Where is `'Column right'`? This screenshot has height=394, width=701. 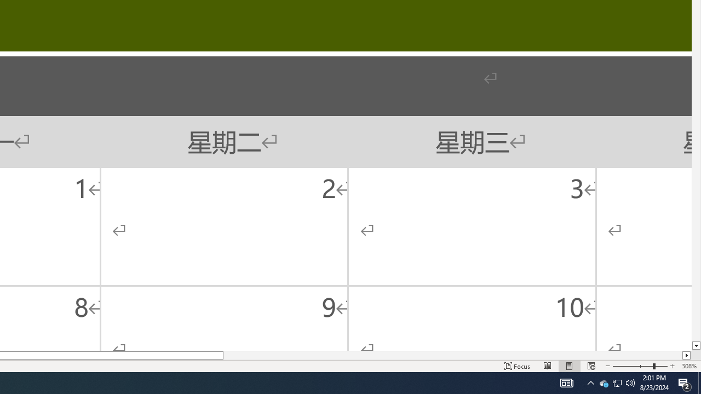
'Column right' is located at coordinates (686, 355).